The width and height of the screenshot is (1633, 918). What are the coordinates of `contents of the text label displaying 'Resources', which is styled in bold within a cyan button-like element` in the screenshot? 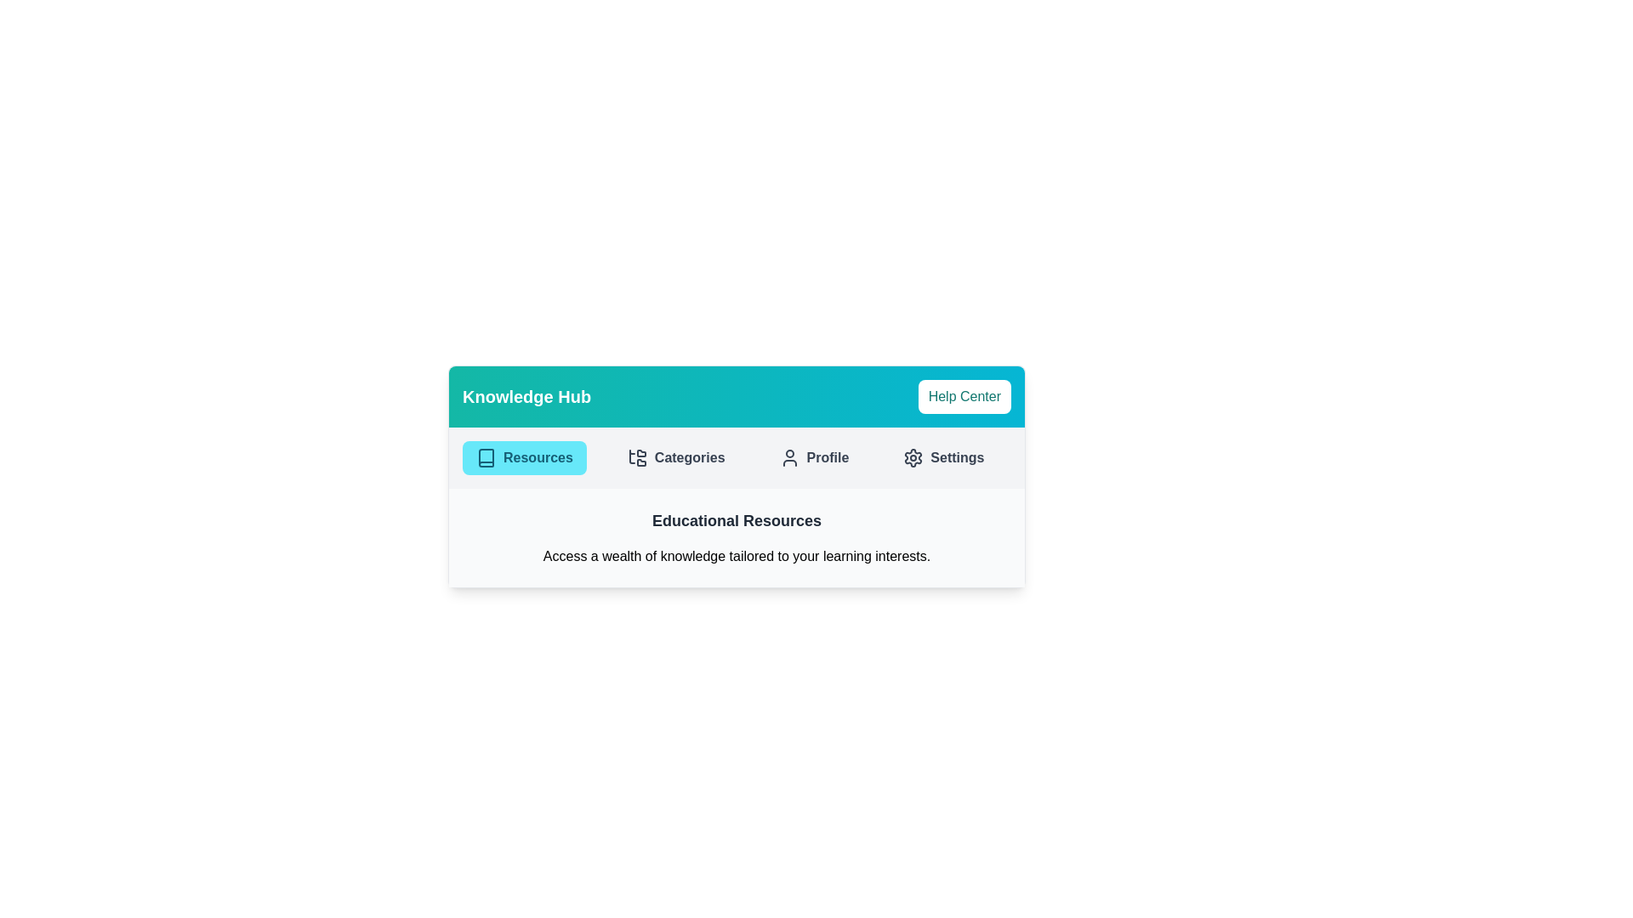 It's located at (537, 457).